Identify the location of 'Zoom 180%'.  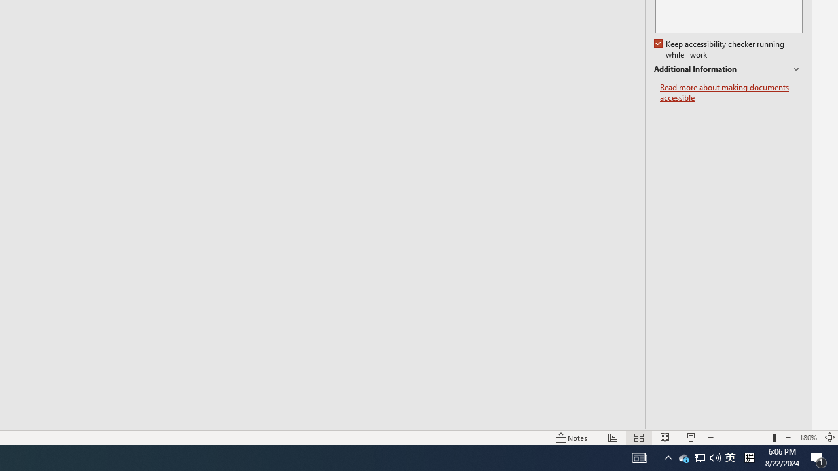
(807, 438).